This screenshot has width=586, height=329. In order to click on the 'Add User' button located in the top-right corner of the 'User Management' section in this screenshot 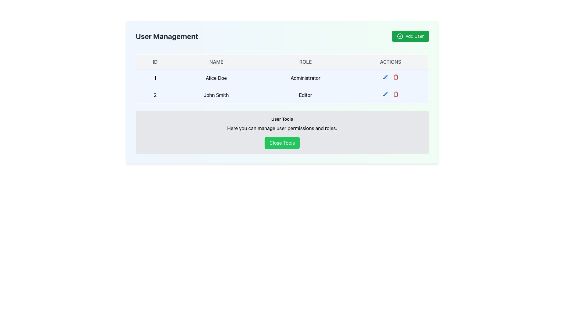, I will do `click(410, 36)`.